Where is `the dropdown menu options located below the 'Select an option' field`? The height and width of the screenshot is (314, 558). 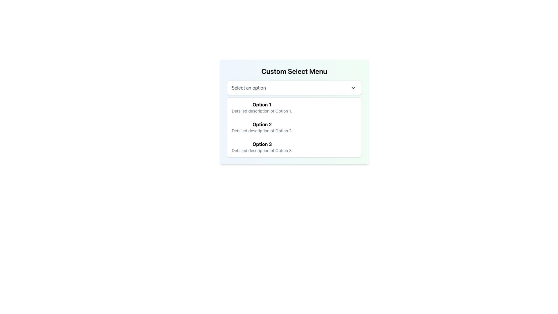
the dropdown menu options located below the 'Select an option' field is located at coordinates (294, 127).